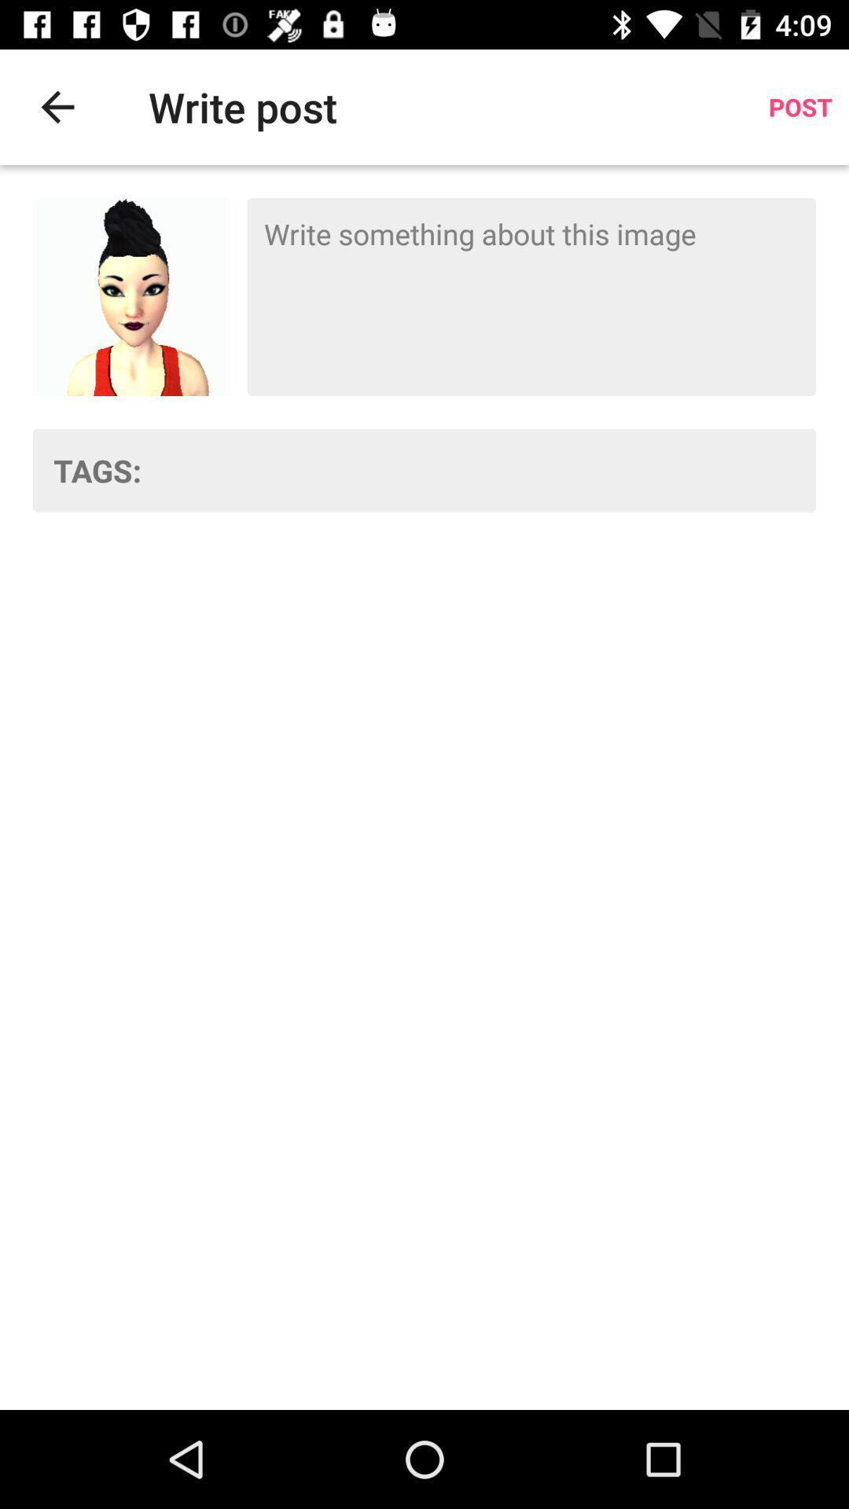 This screenshot has height=1509, width=849. What do you see at coordinates (488, 469) in the screenshot?
I see `tags row` at bounding box center [488, 469].